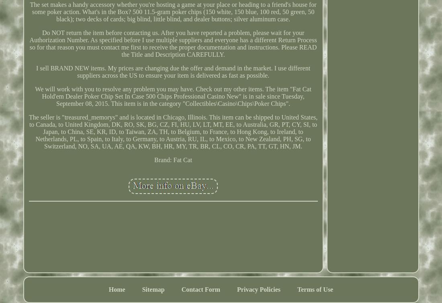 This screenshot has height=303, width=442. Describe the element at coordinates (172, 11) in the screenshot. I see `'The set makes a handy accessory whether you're hosting a game at your place or heading to a friend's house for some poker action. What's in the Box? 500 11.5-gram poker chips (150 white, 150 blue, 100 red, 50 green, 50 black); two decks of cards; big blind, little blind, and dealer buttons; silver aluminum case.'` at that location.